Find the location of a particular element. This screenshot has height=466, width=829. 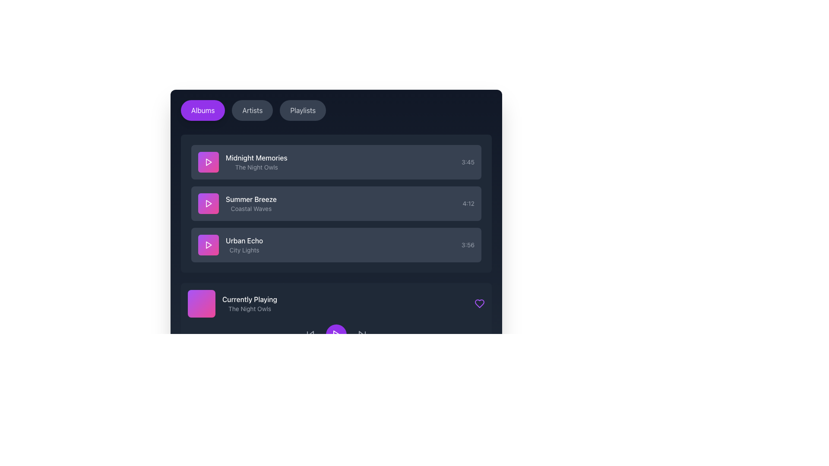

the List item section displaying the title 'Urban Echo' and subtitle 'City Lights' is located at coordinates (231, 245).